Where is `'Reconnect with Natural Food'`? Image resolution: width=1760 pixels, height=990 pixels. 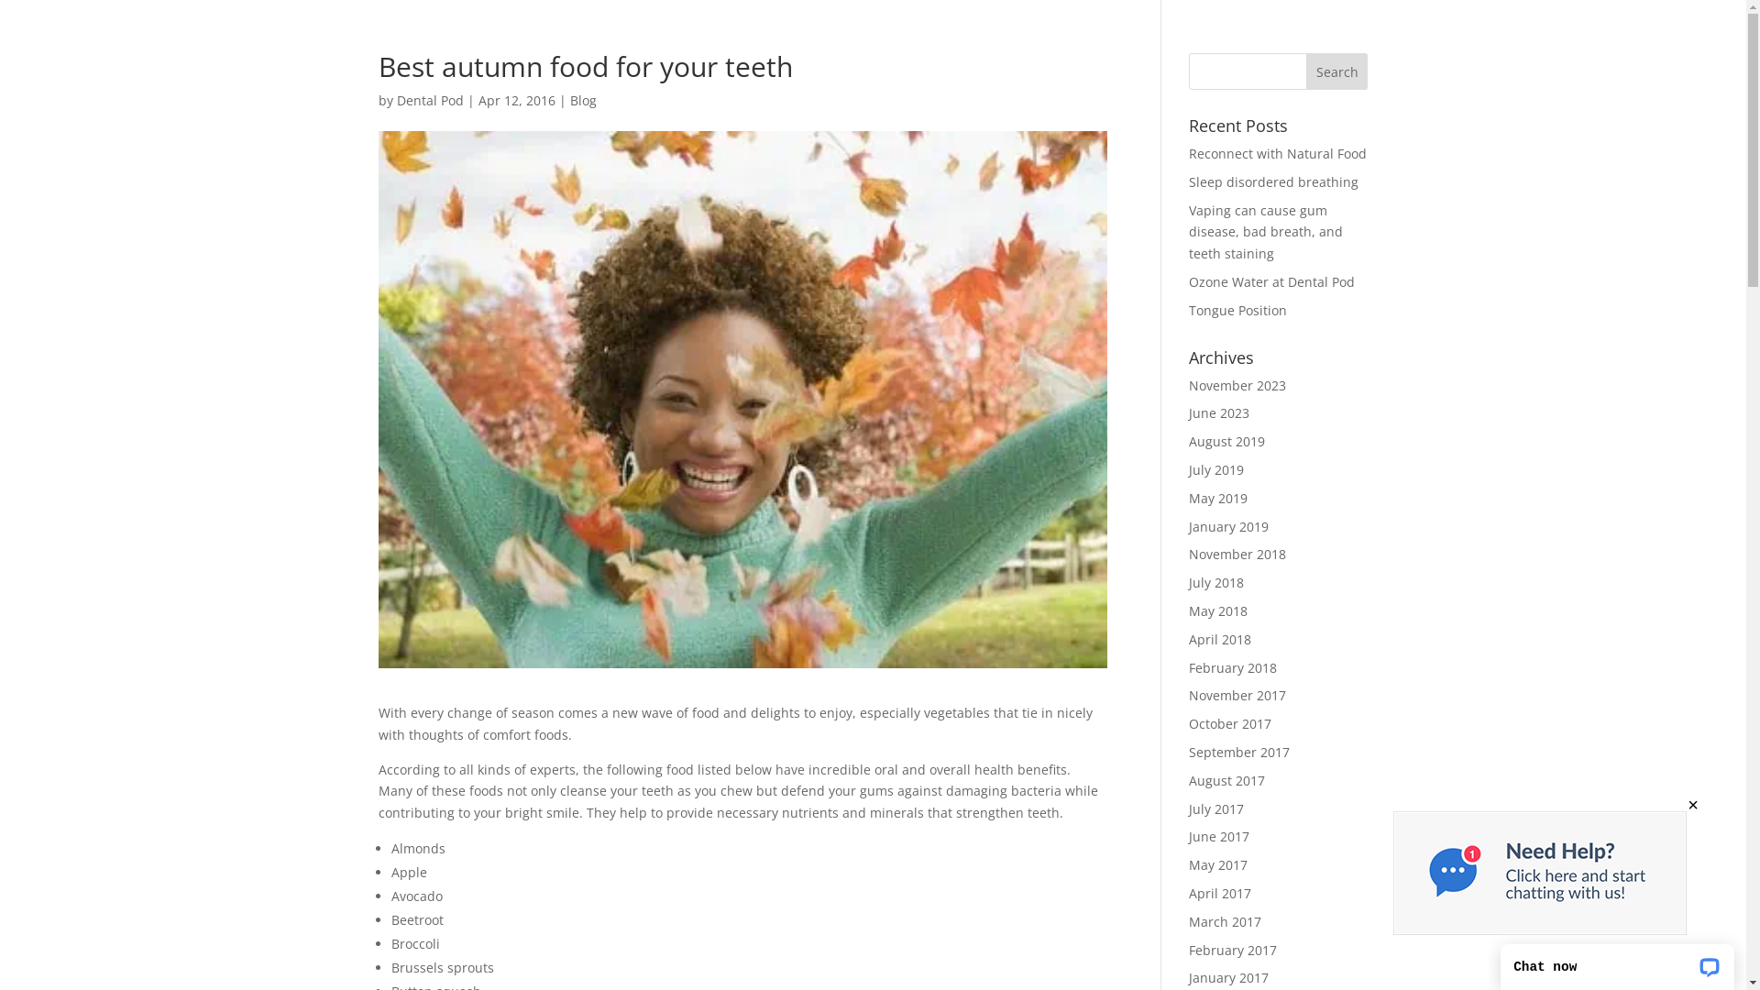 'Reconnect with Natural Food' is located at coordinates (1276, 152).